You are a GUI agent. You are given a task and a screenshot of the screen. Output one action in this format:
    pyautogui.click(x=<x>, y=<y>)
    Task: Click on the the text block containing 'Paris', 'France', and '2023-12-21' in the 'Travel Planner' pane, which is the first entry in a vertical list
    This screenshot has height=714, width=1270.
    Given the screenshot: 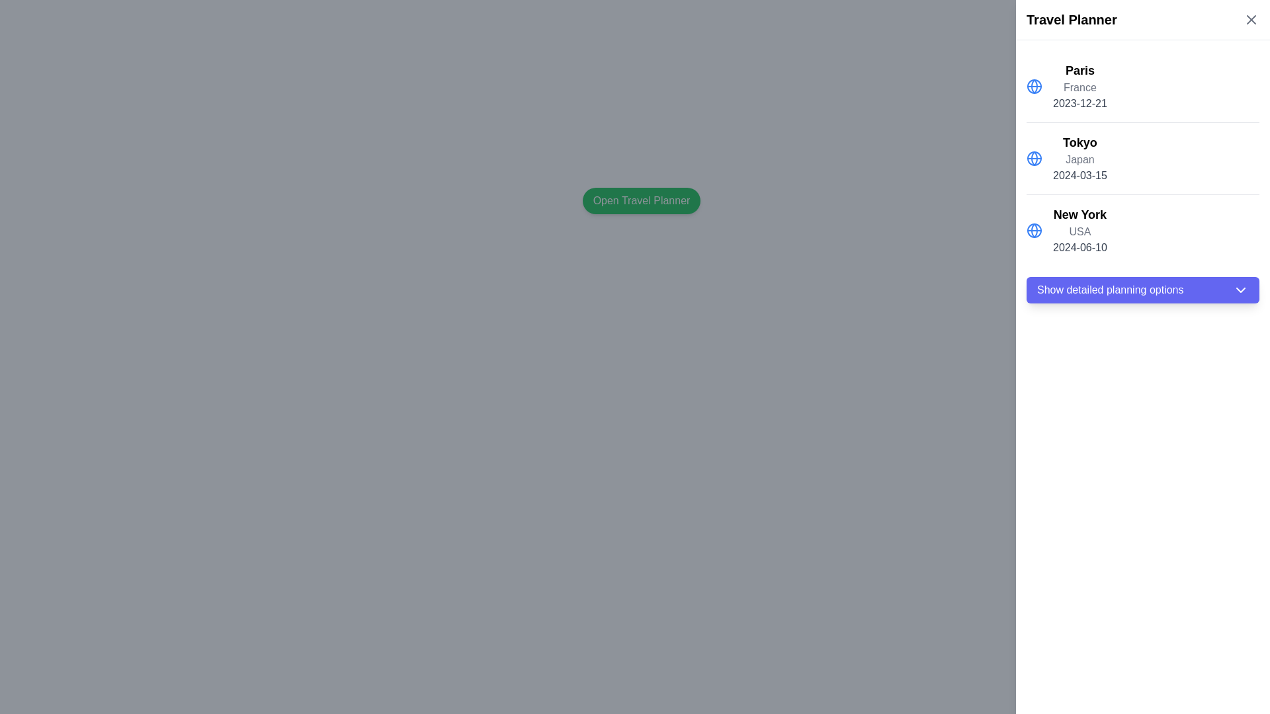 What is the action you would take?
    pyautogui.click(x=1079, y=87)
    